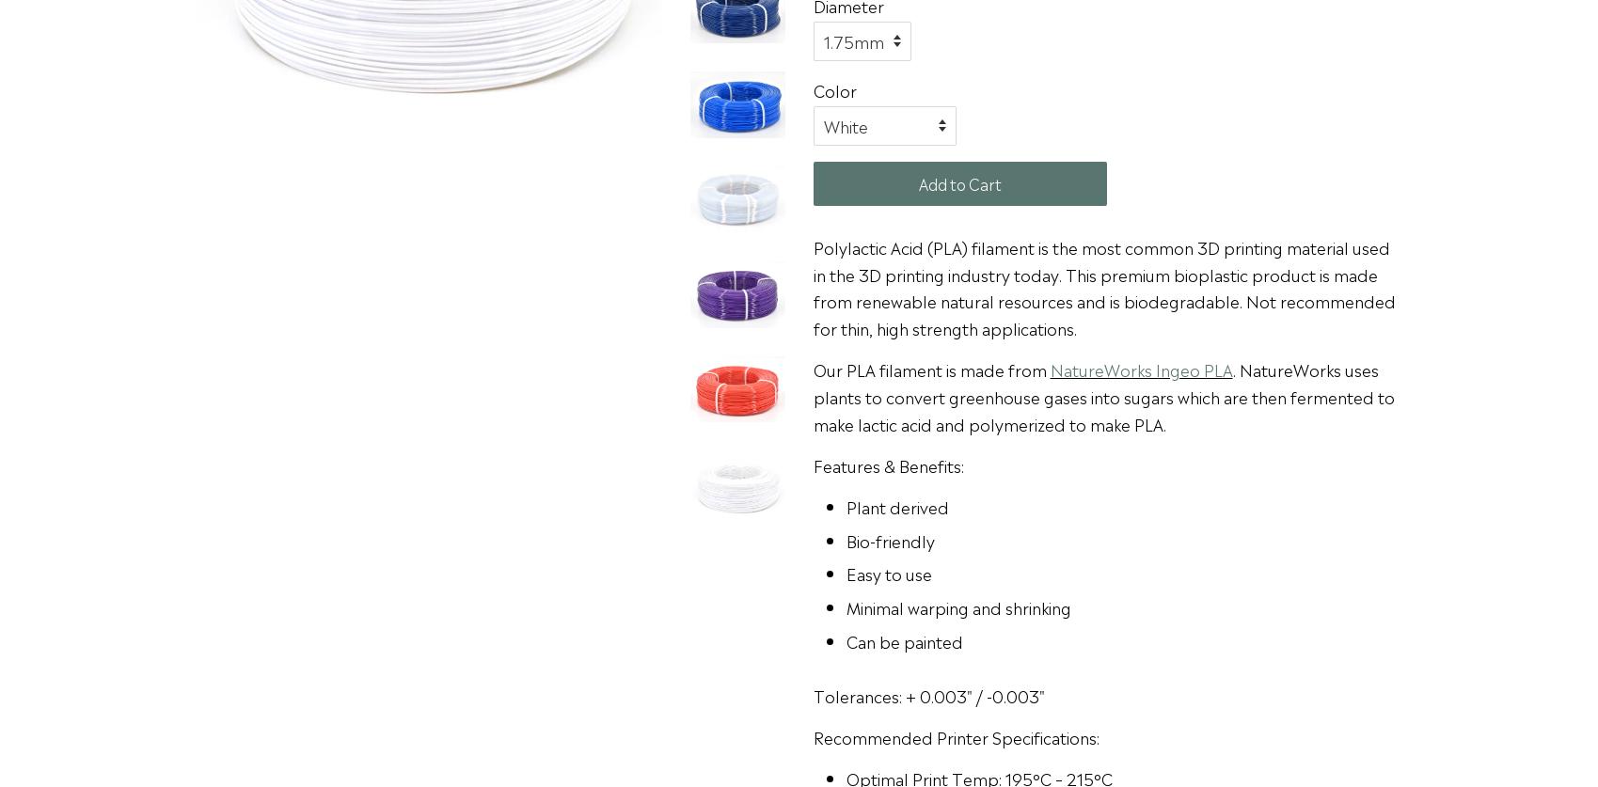  I want to click on 'Bio-friendly', so click(844, 539).